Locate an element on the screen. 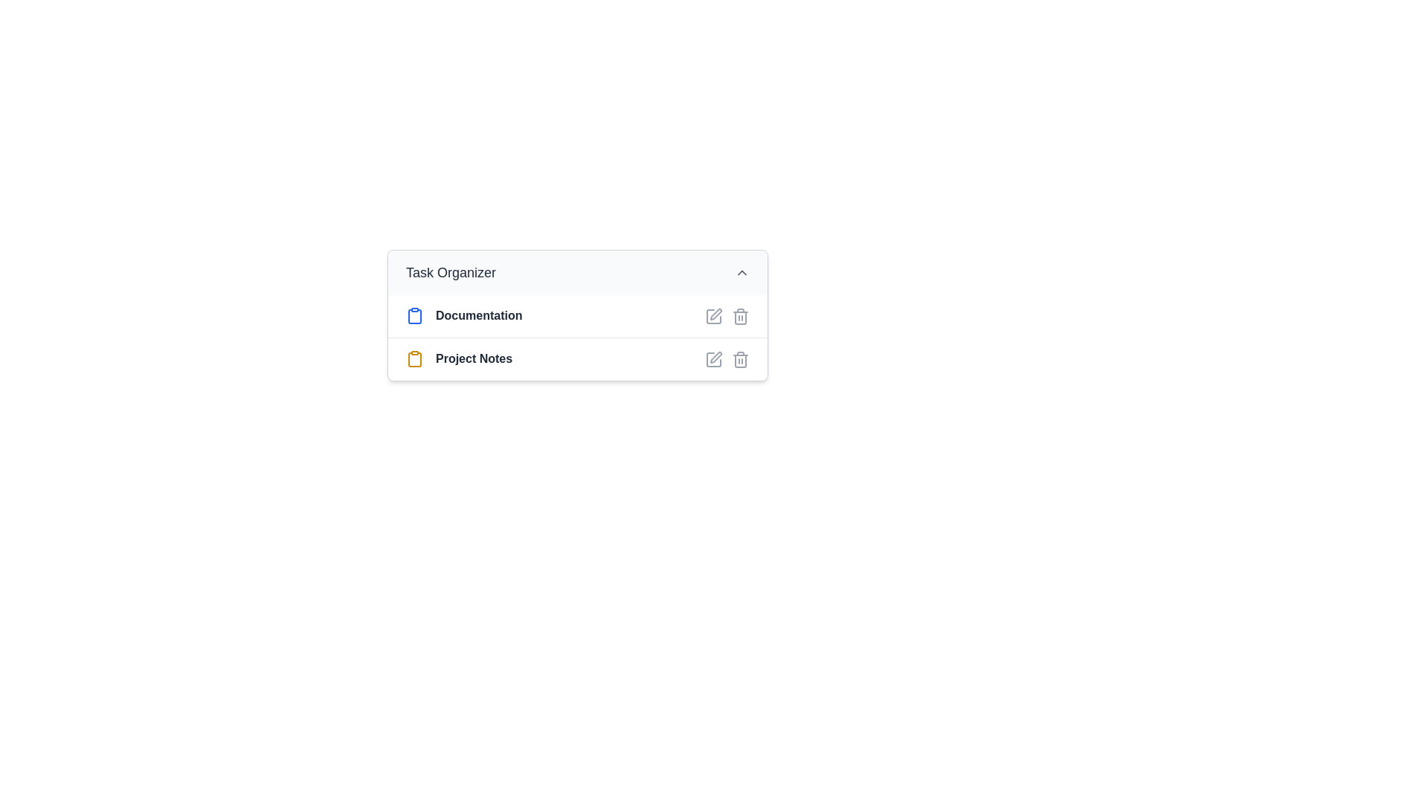 The image size is (1428, 803). the 'Documentation' label, which is styled in bold gray font and located in the 'Task Organizer' section, above 'Project Notes' is located at coordinates (479, 315).